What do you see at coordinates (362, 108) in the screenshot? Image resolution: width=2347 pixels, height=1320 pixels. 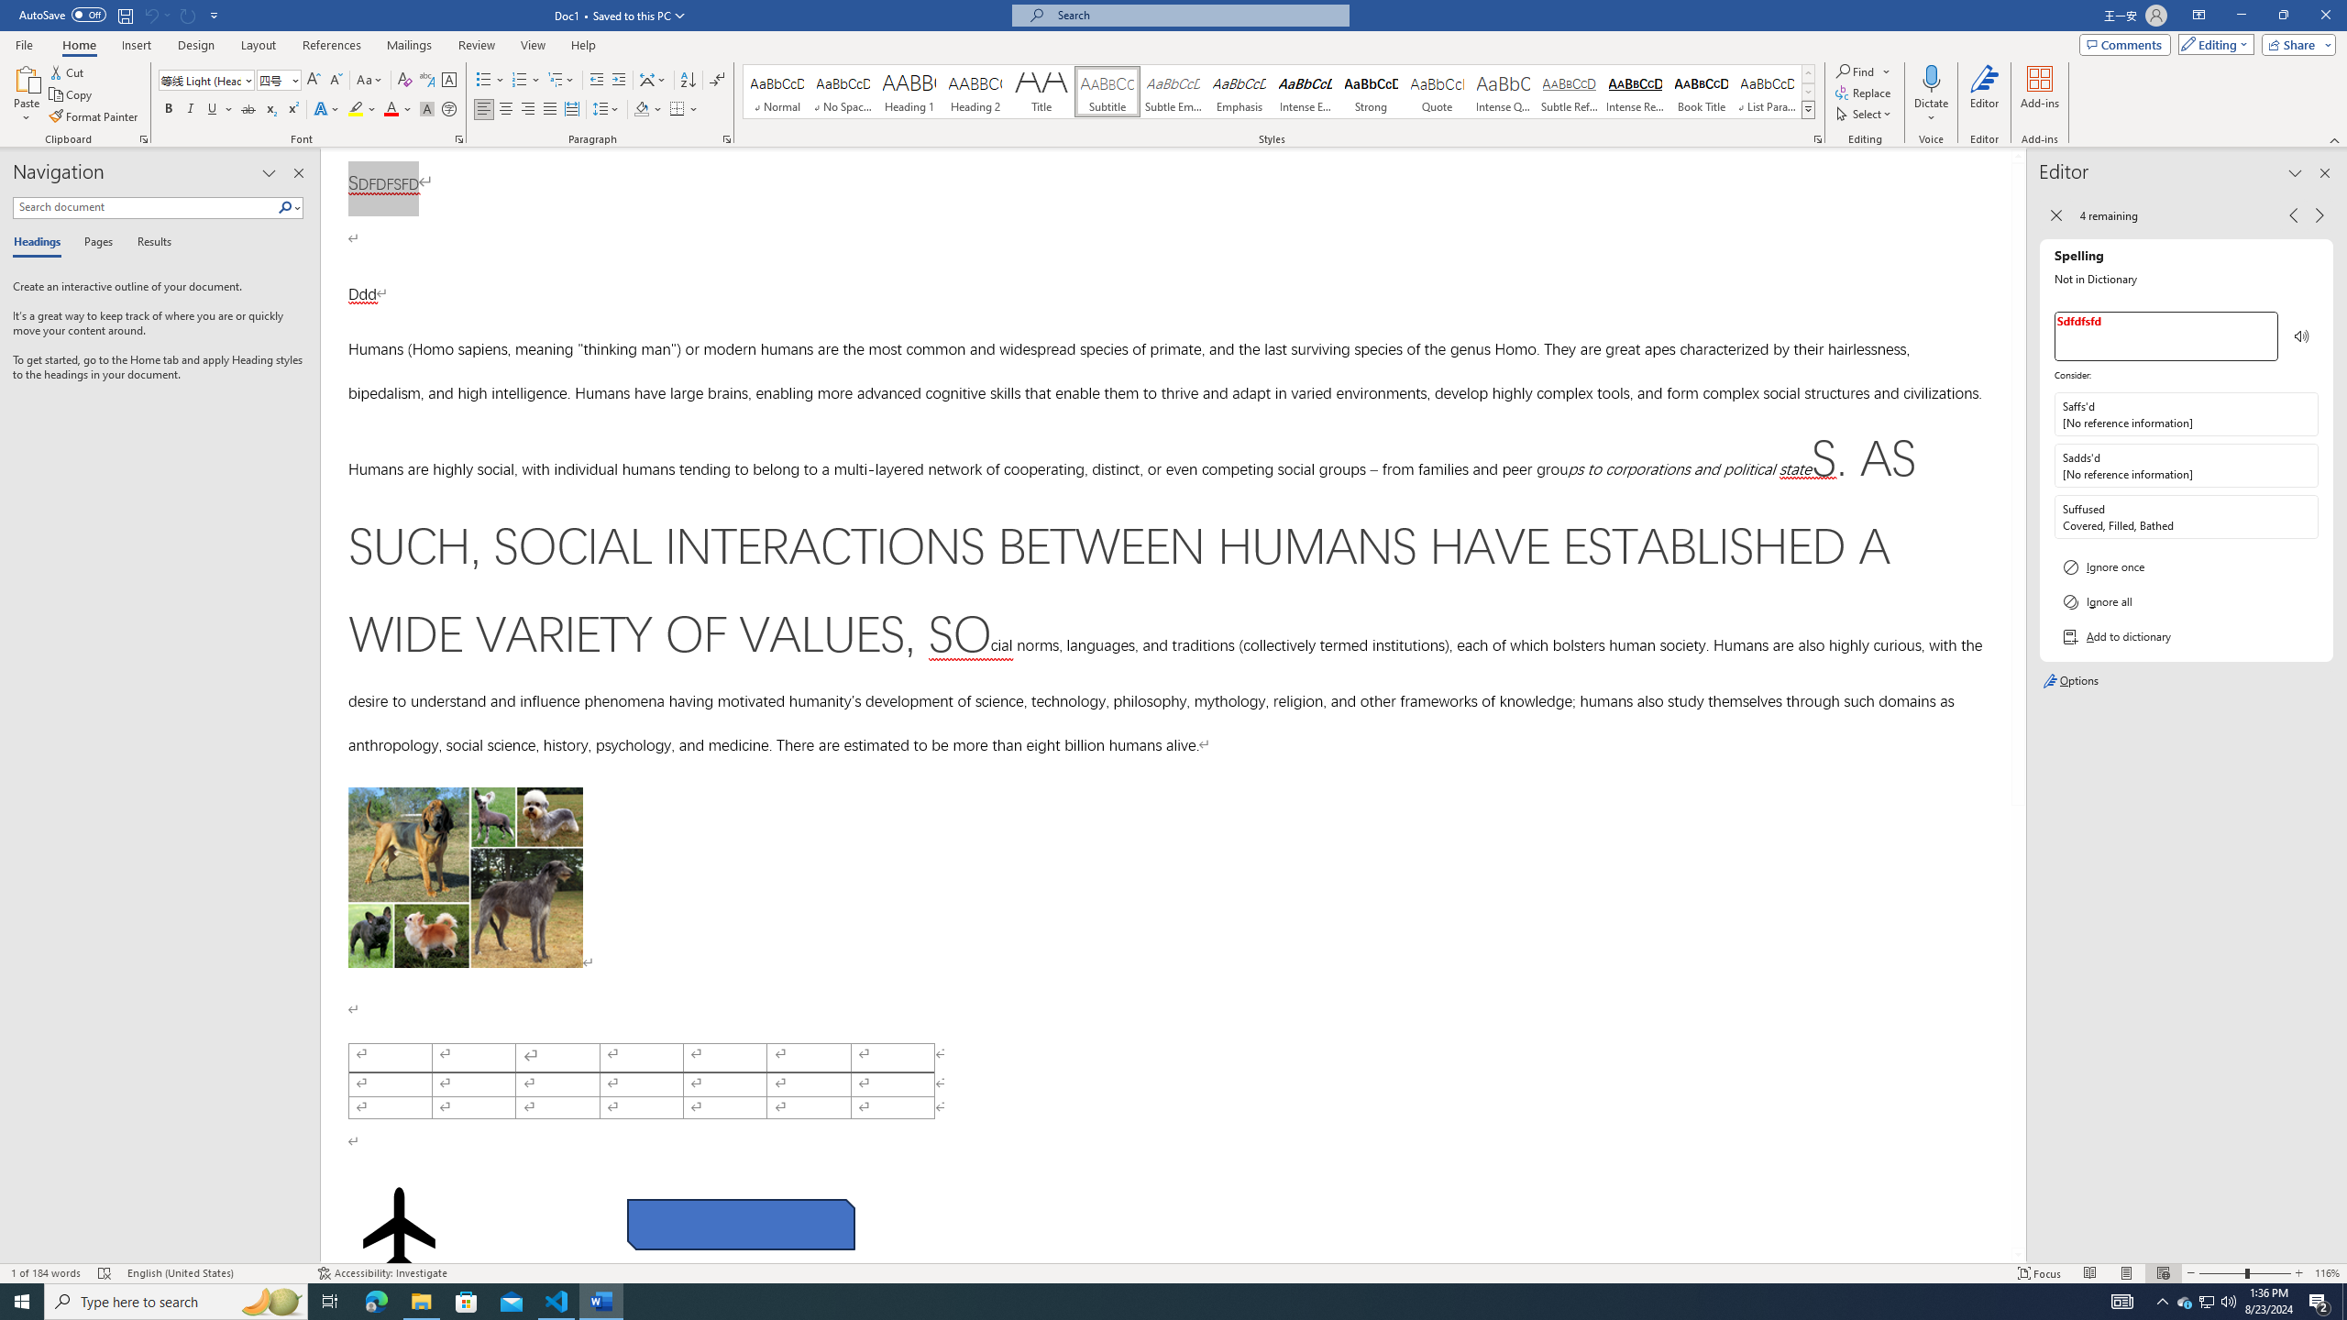 I see `'Text Highlight Color'` at bounding box center [362, 108].